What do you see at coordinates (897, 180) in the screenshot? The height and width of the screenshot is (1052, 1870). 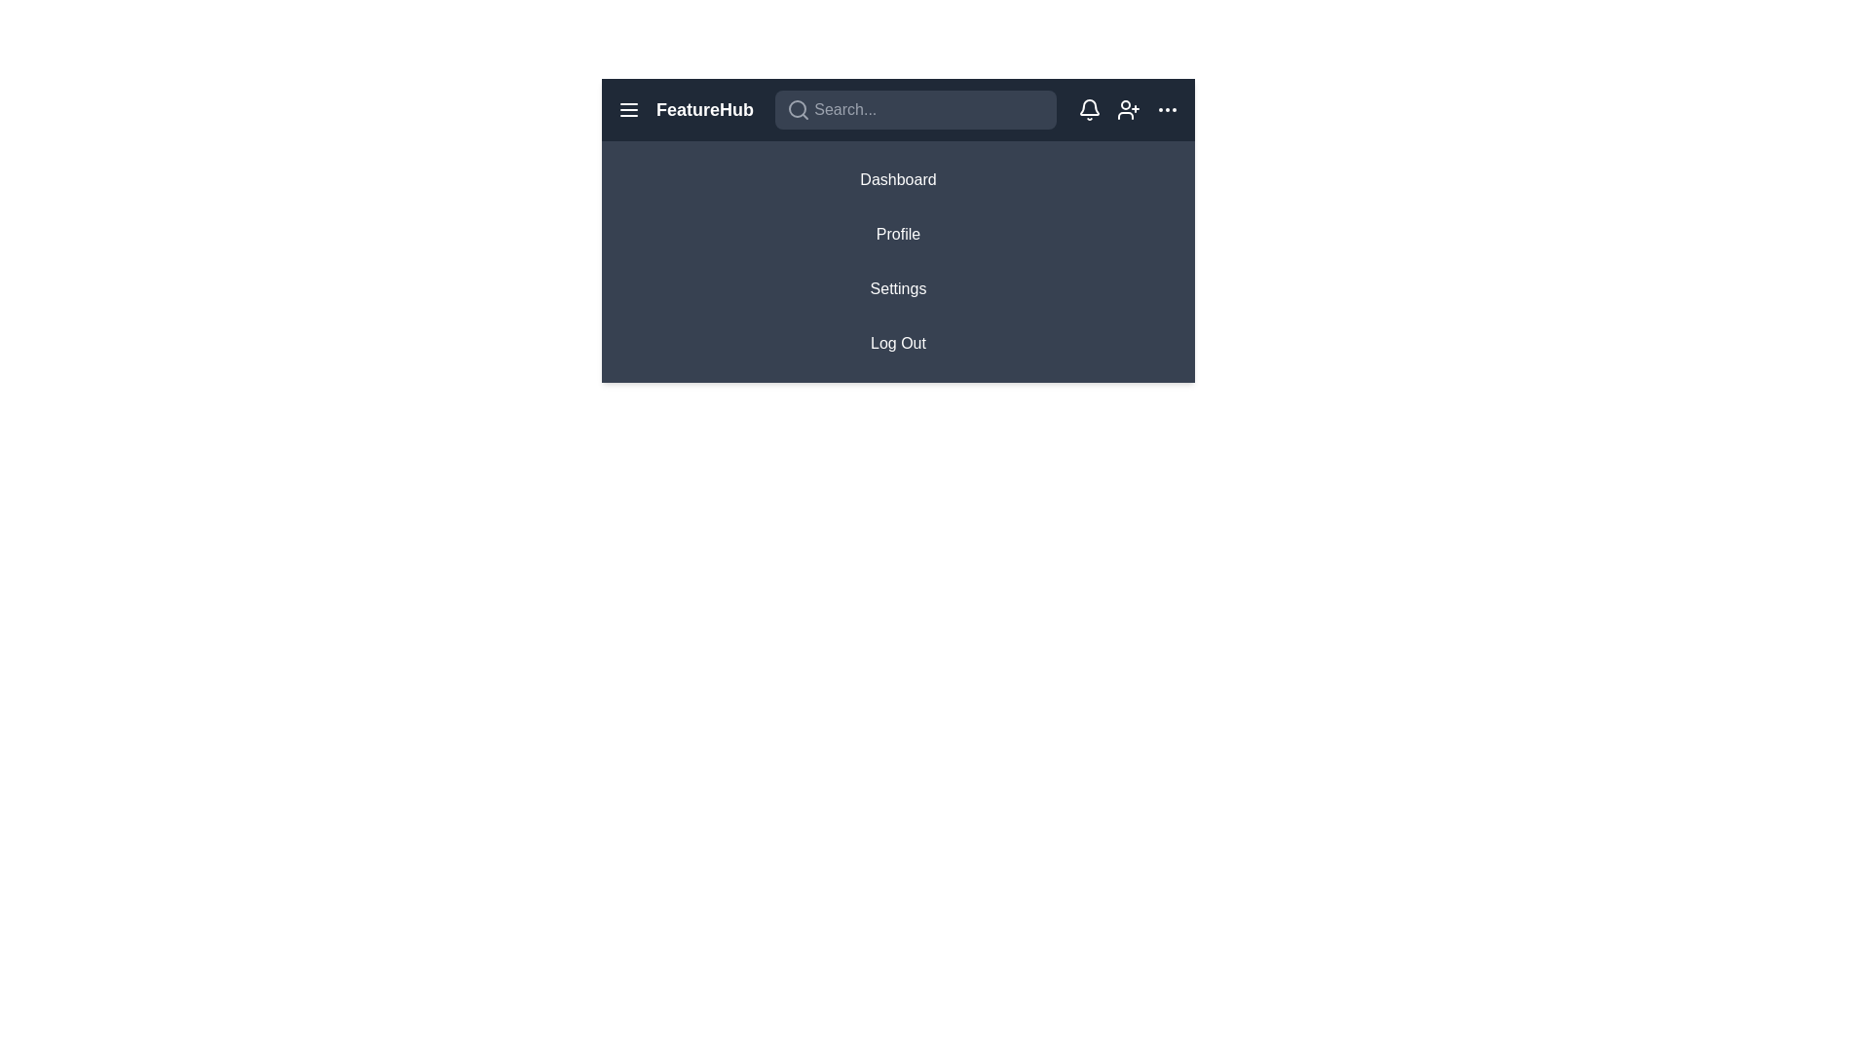 I see `the first item in the vertical list of options, which serves as a menu option` at bounding box center [897, 180].